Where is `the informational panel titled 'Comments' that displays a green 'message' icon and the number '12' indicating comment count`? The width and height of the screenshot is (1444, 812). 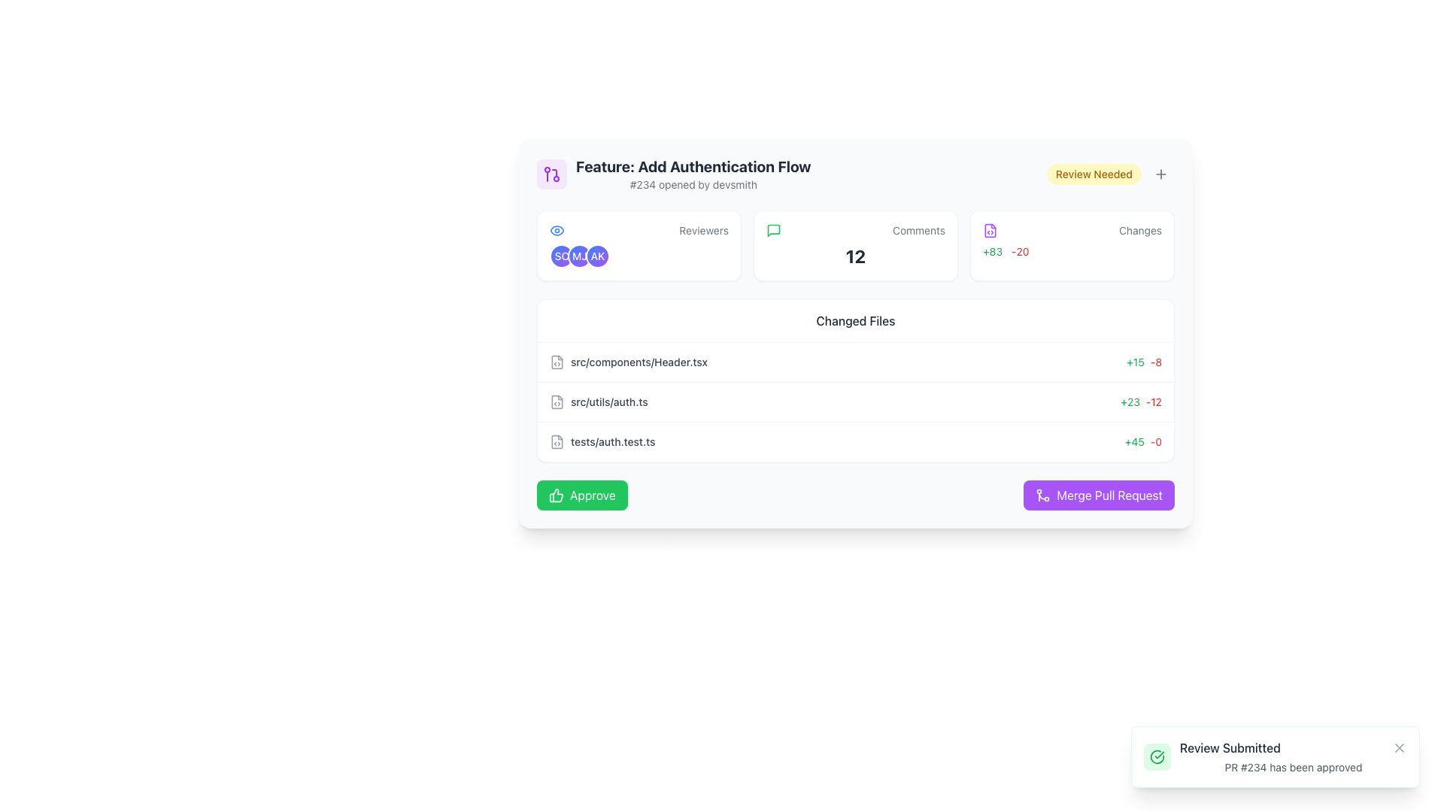
the informational panel titled 'Comments' that displays a green 'message' icon and the number '12' indicating comment count is located at coordinates (855, 245).